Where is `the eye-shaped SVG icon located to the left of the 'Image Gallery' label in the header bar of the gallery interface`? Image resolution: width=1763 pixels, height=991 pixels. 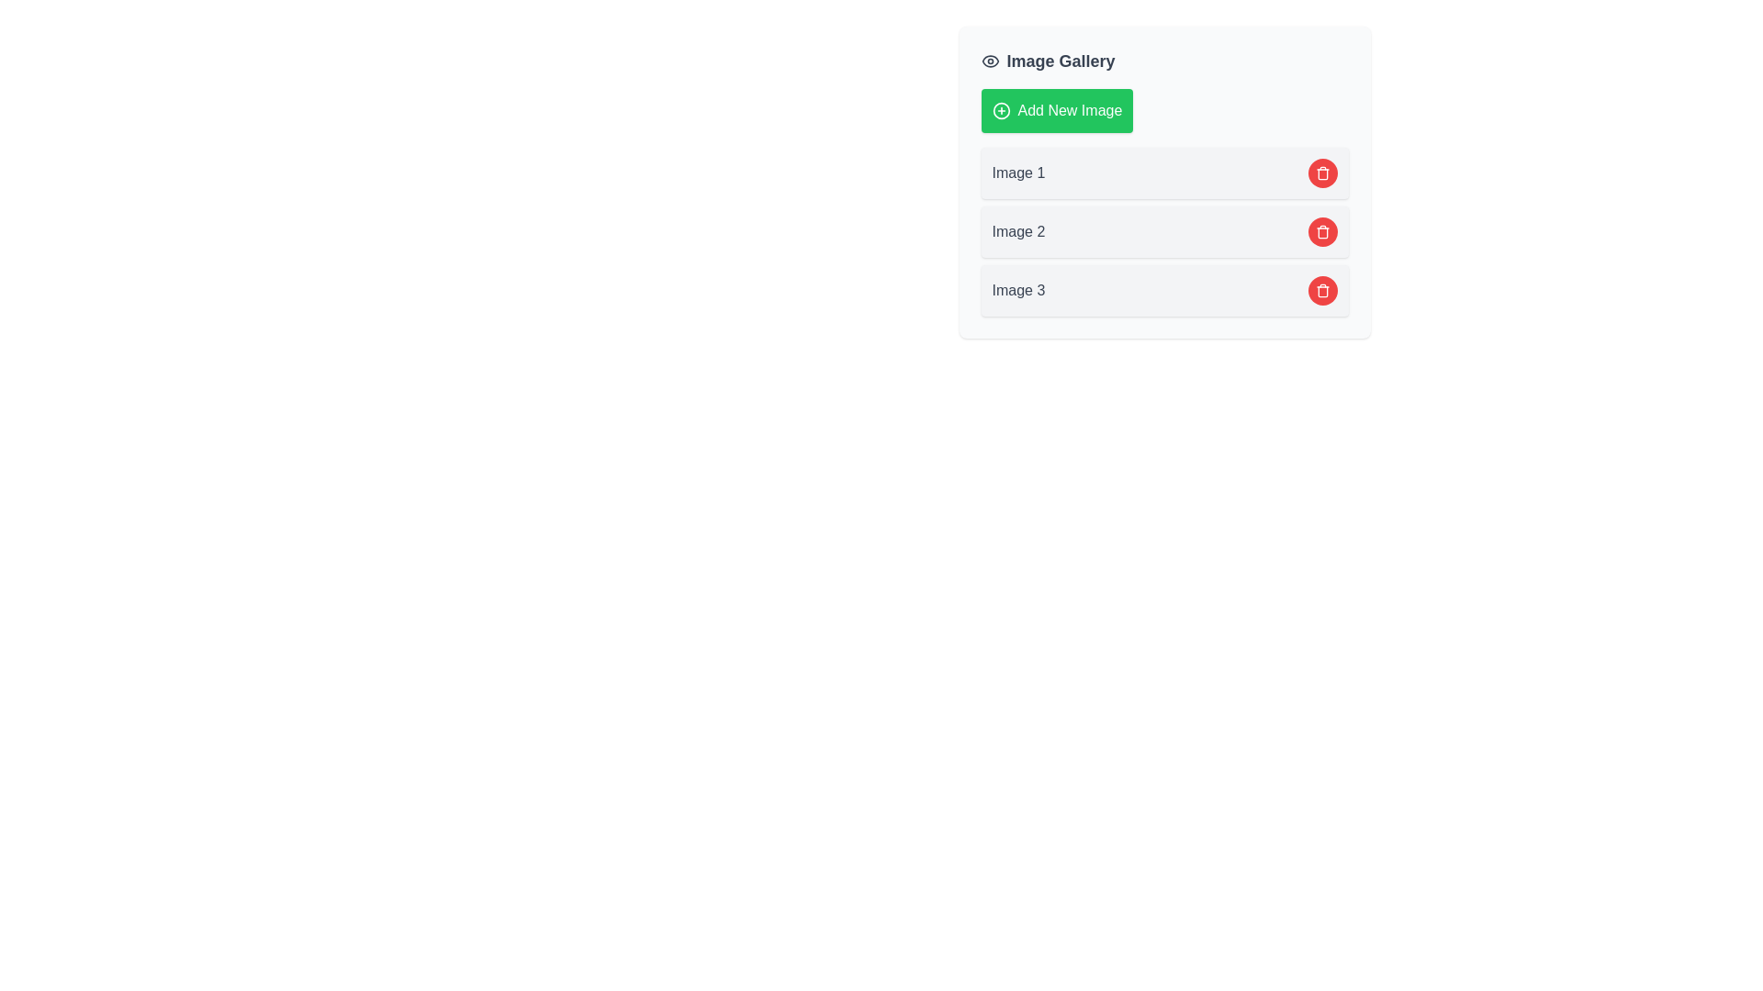
the eye-shaped SVG icon located to the left of the 'Image Gallery' label in the header bar of the gallery interface is located at coordinates (989, 60).